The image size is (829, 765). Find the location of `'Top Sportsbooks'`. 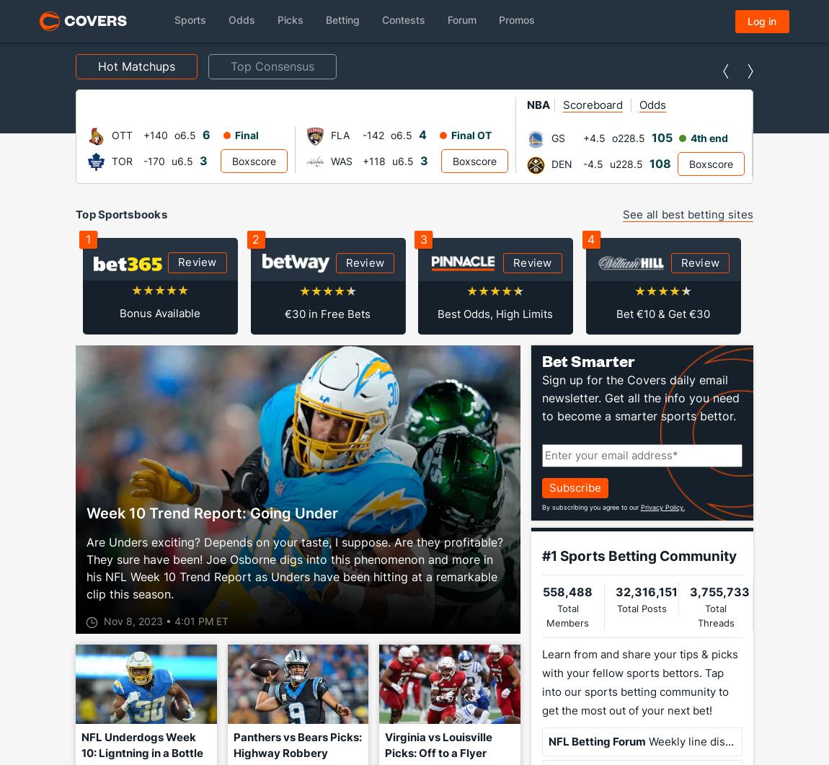

'Top Sportsbooks' is located at coordinates (74, 213).